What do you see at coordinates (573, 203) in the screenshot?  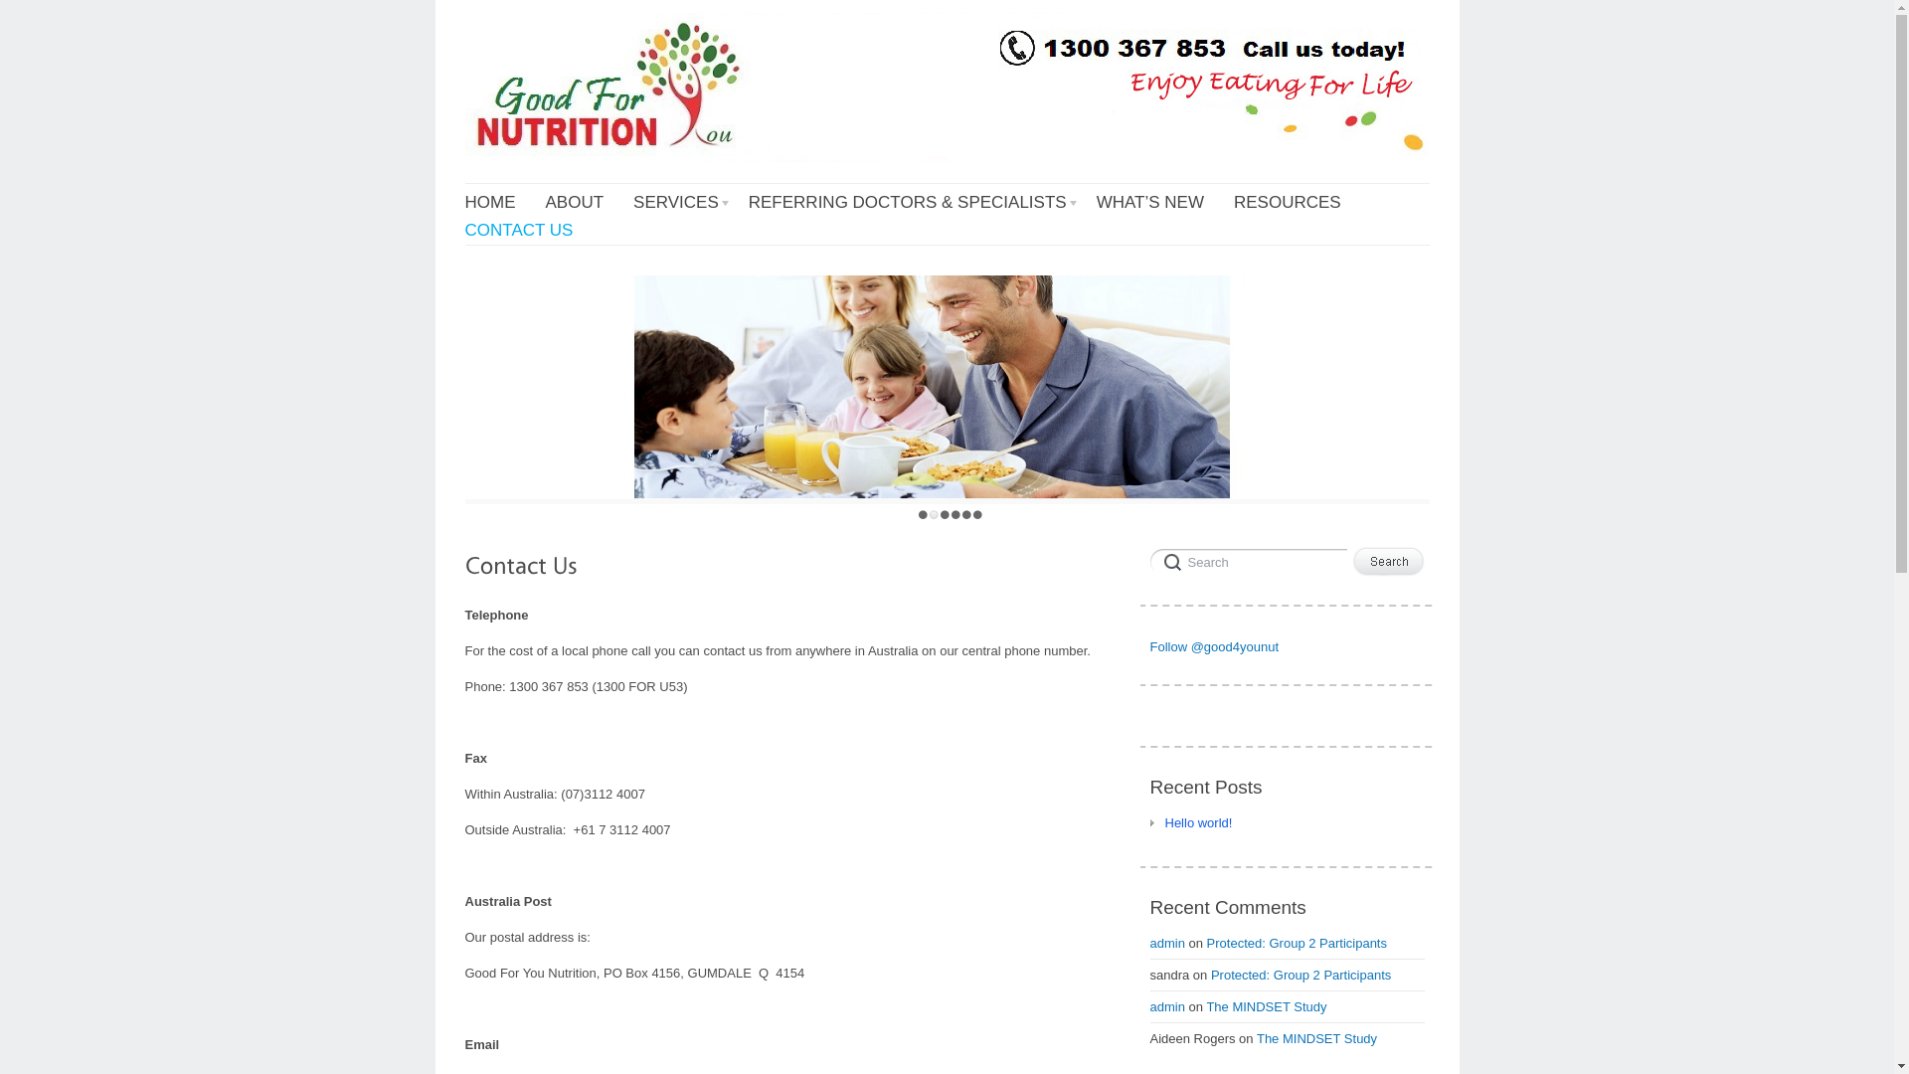 I see `'ABOUT'` at bounding box center [573, 203].